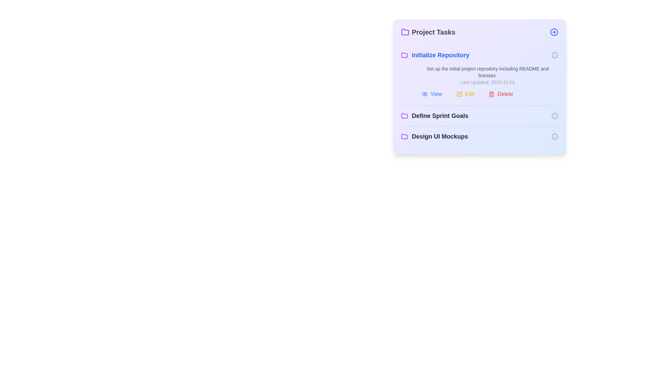  Describe the element at coordinates (404, 55) in the screenshot. I see `the folder icon with a purple outline located to the left of the text 'Initialize Repository' in the project tasks section` at that location.